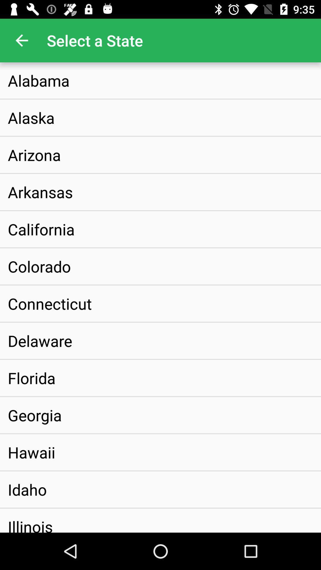 The width and height of the screenshot is (321, 570). Describe the element at coordinates (21, 40) in the screenshot. I see `icon above alabama` at that location.